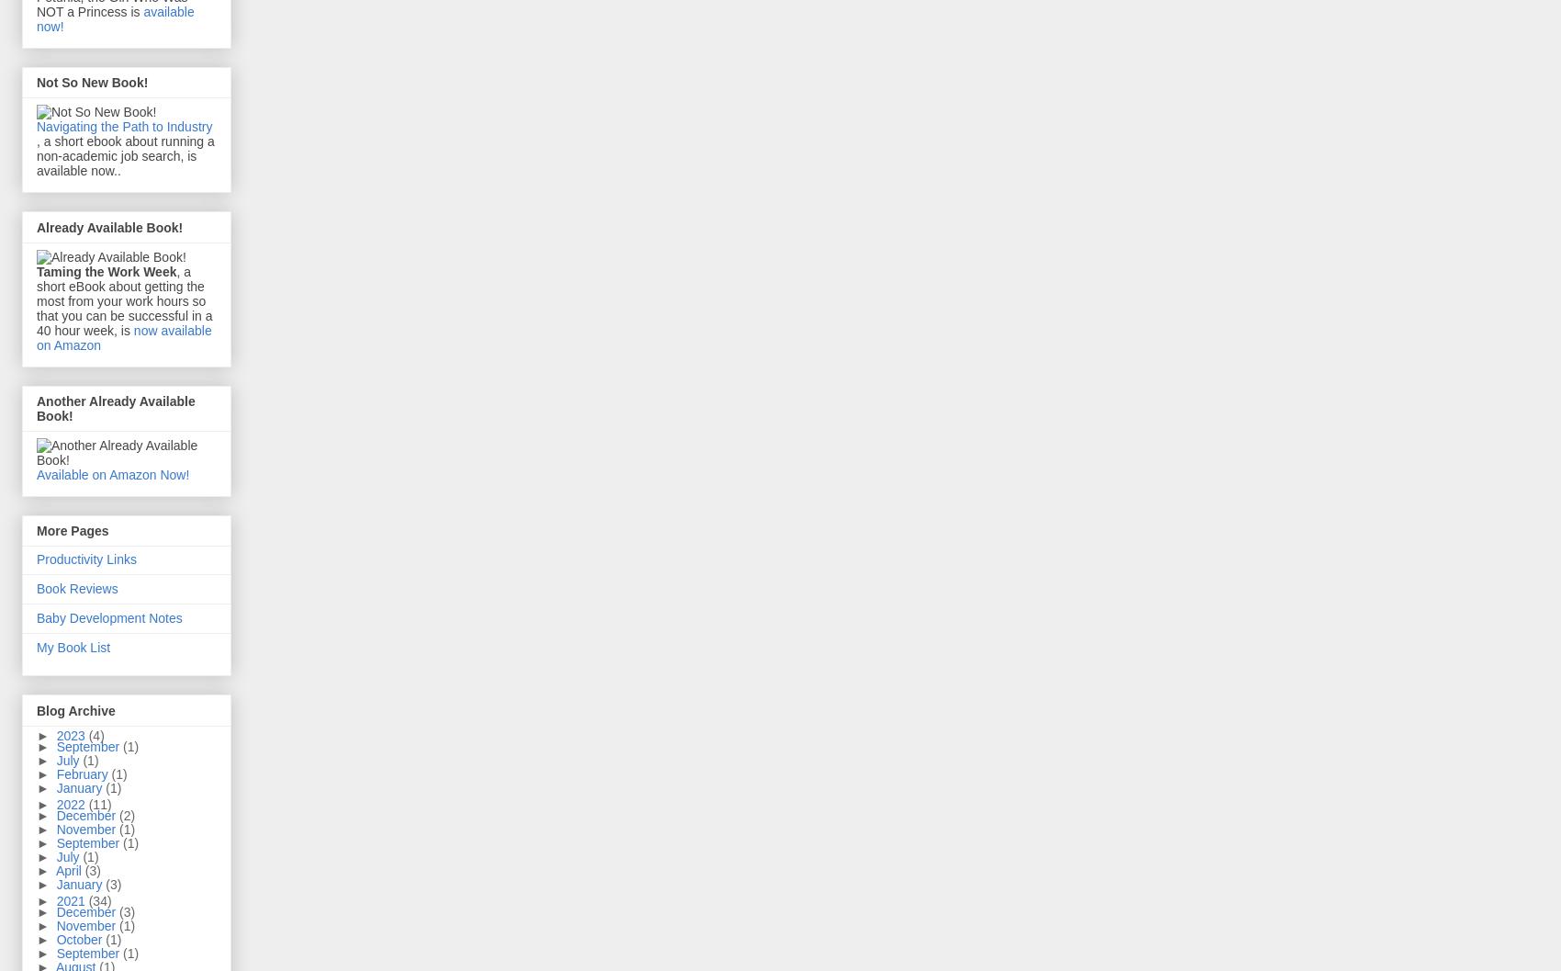  Describe the element at coordinates (118, 814) in the screenshot. I see `'(2)'` at that location.